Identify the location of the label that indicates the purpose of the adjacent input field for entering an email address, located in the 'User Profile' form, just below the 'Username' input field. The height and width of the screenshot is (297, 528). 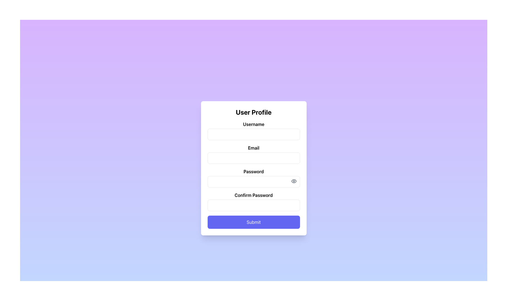
(253, 147).